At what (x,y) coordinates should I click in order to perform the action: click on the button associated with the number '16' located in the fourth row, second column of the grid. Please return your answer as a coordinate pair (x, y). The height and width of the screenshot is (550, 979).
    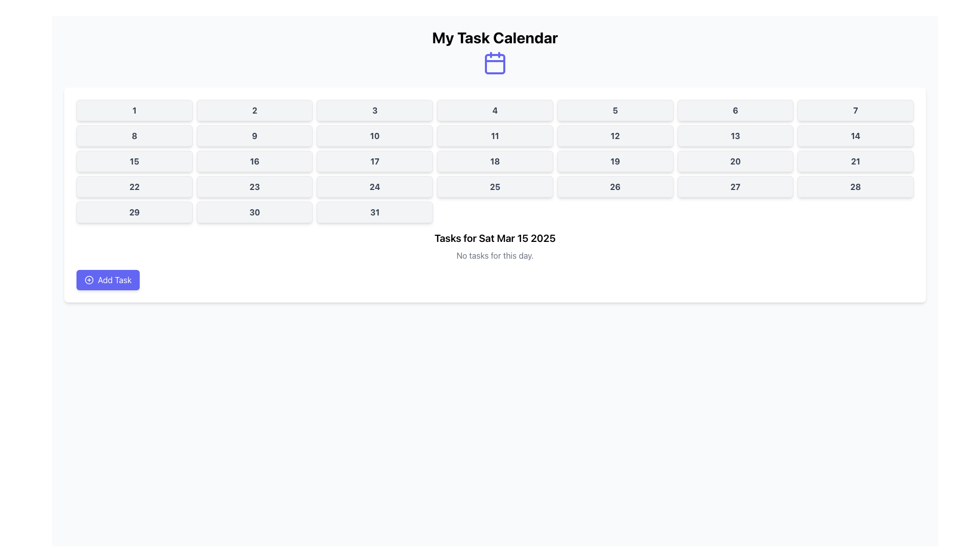
    Looking at the image, I should click on (254, 160).